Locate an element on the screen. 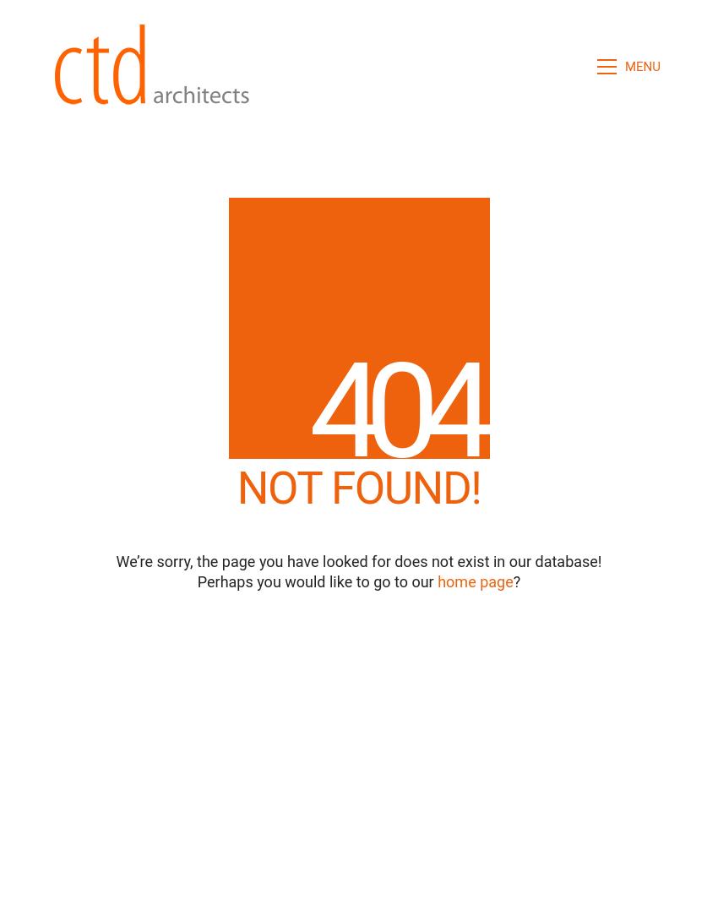  'CLOSE' is located at coordinates (623, 57).